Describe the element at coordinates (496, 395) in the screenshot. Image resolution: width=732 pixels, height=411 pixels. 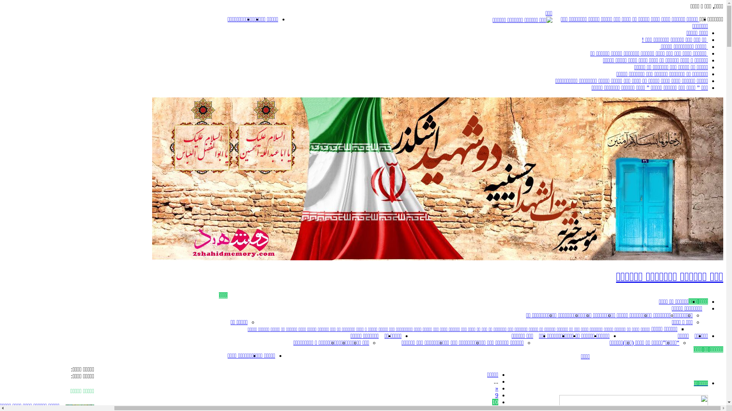
I see `'9'` at that location.